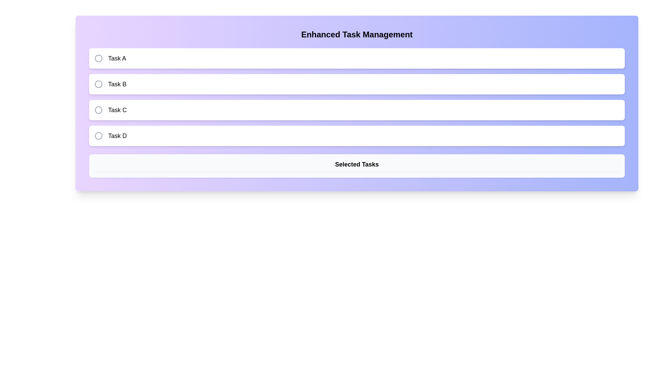 The width and height of the screenshot is (653, 367). I want to click on the circular icon with a gray stroke located to the left of the text 'Task A', ensuring it is centered vertically within the task item, so click(98, 58).